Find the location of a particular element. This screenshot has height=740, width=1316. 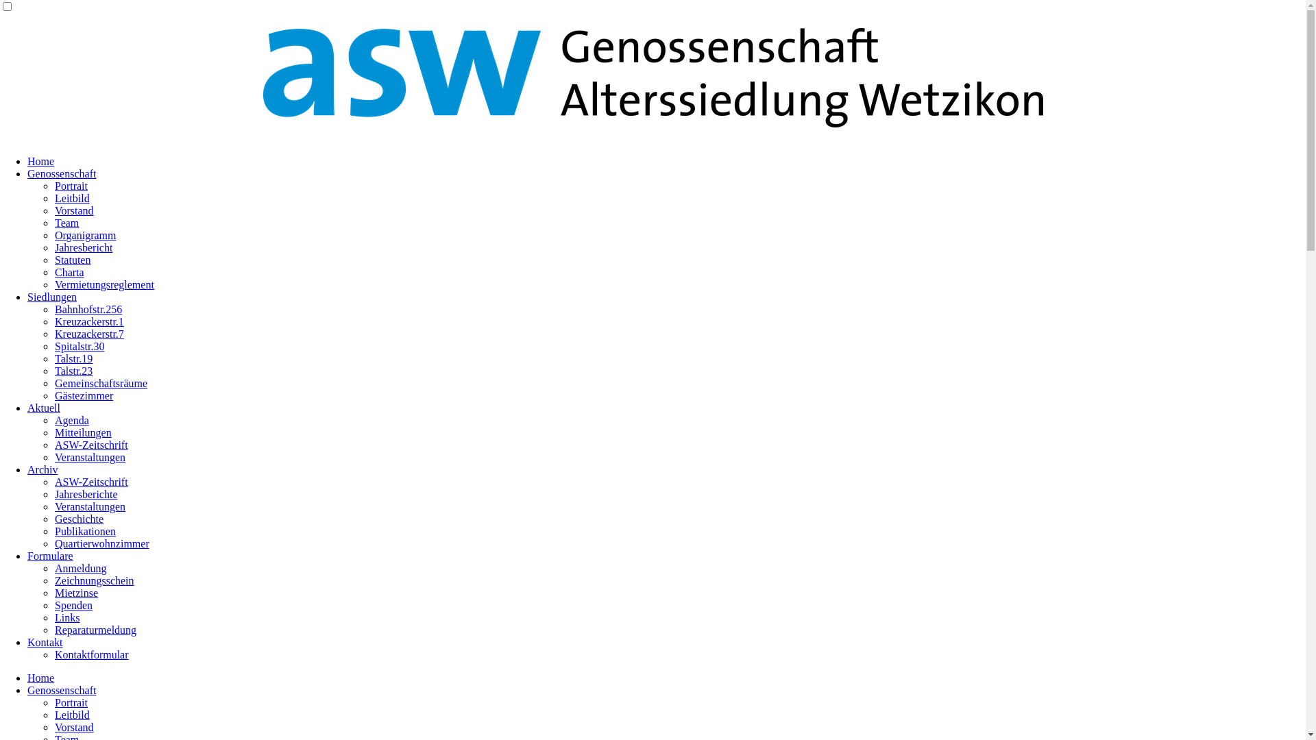

'Archiv' is located at coordinates (42, 469).